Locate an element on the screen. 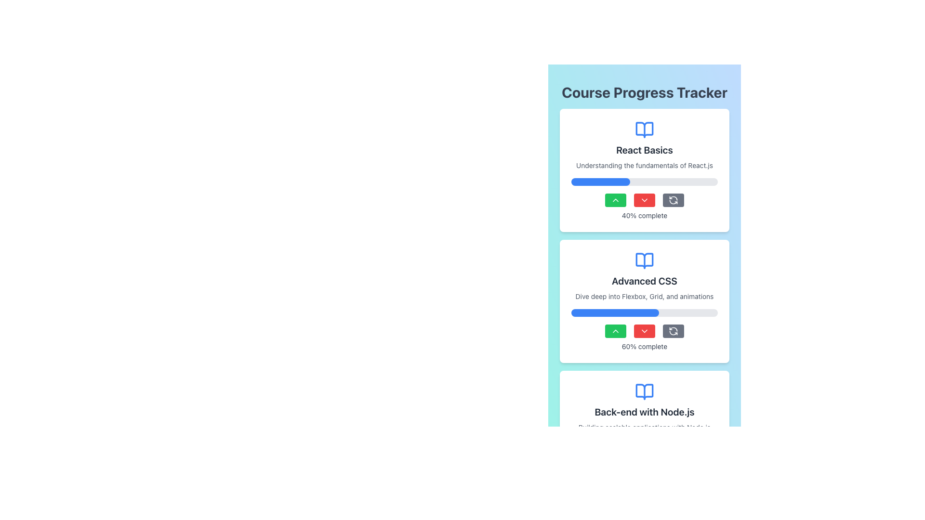 The width and height of the screenshot is (925, 520). the text label displaying '40% complete', located within the 'React Basics' card, which is positioned slightly below the action buttons is located at coordinates (645, 215).